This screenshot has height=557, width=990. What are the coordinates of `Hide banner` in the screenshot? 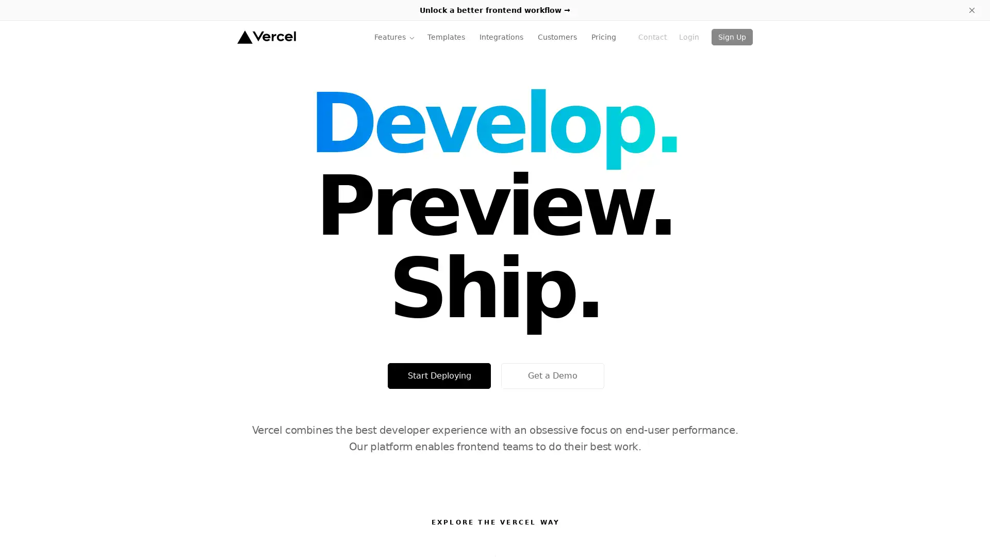 It's located at (971, 10).